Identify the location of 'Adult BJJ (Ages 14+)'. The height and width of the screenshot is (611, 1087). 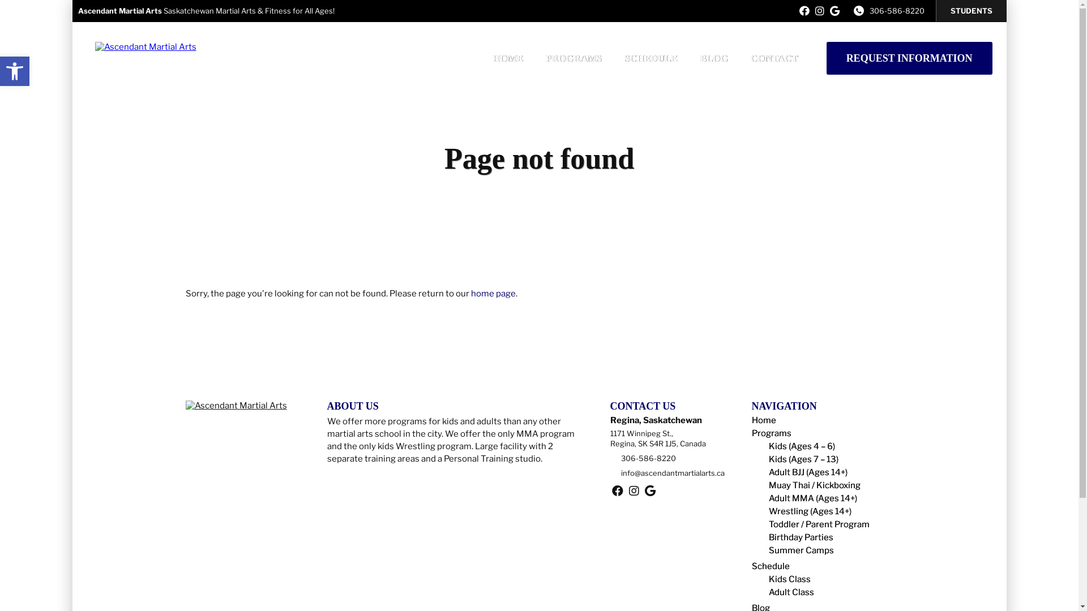
(807, 472).